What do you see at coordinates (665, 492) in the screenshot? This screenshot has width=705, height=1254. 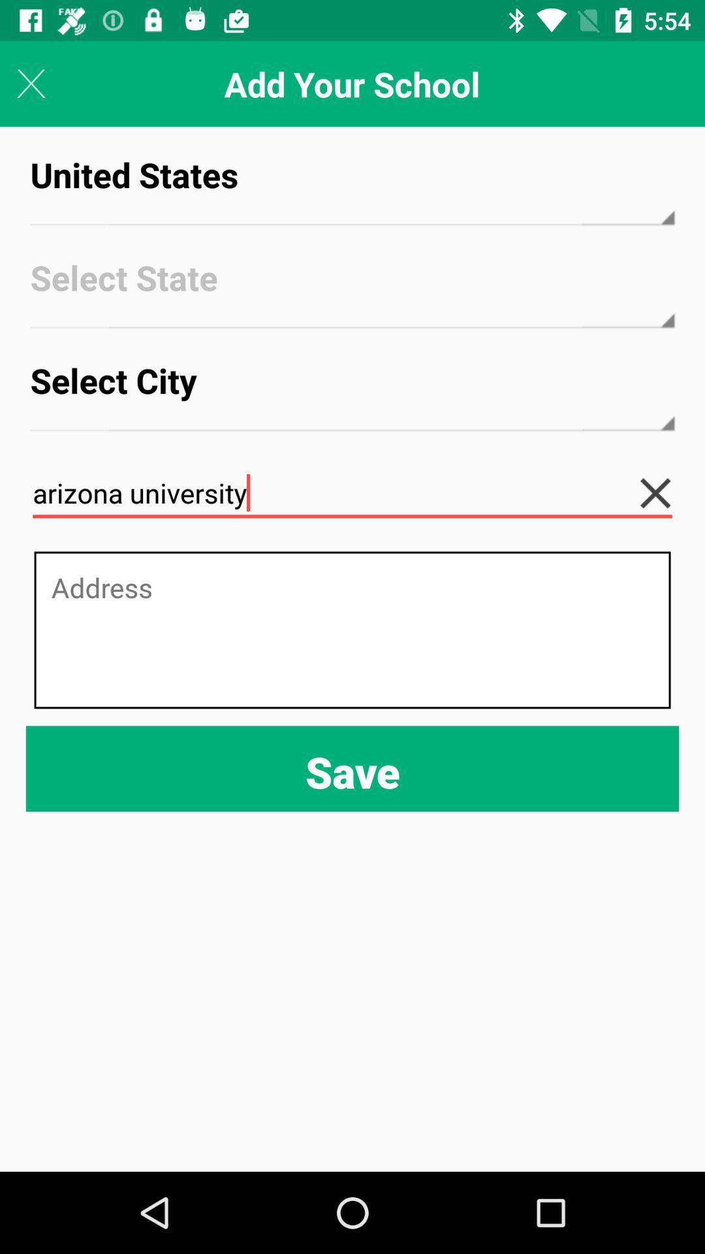 I see `clear text` at bounding box center [665, 492].